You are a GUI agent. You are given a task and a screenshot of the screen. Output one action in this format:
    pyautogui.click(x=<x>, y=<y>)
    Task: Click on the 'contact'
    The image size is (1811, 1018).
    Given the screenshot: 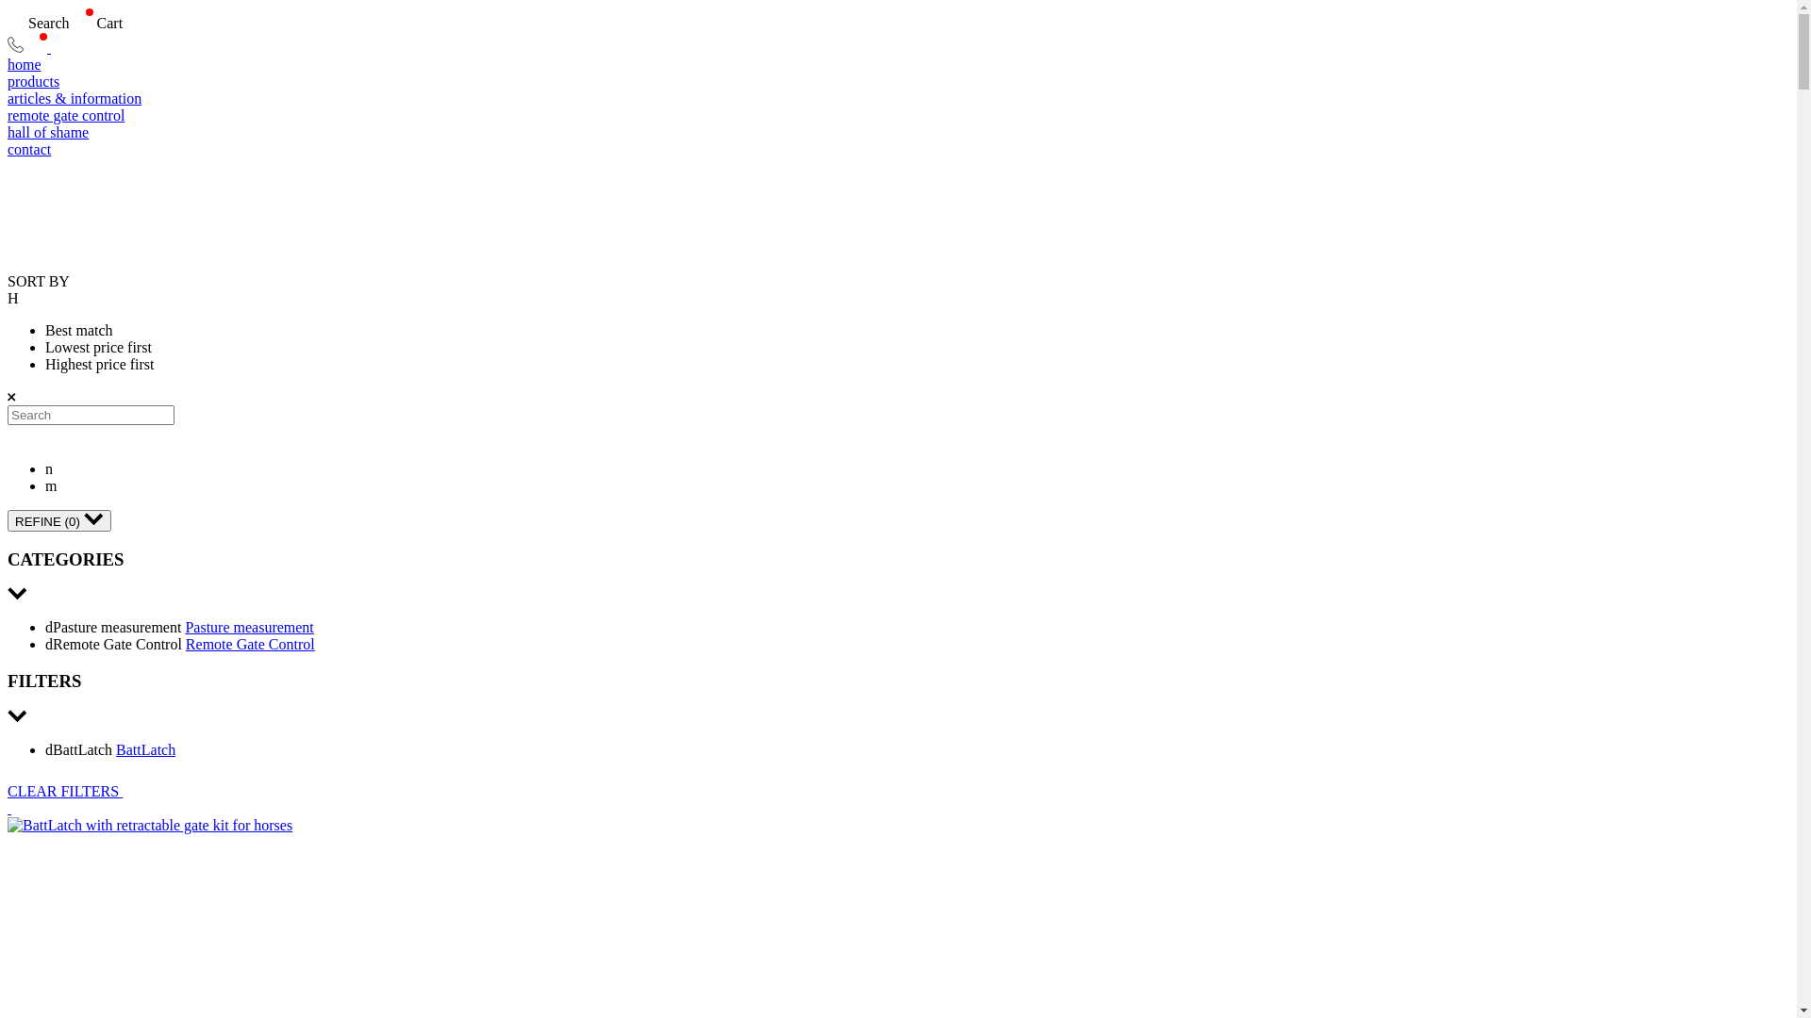 What is the action you would take?
    pyautogui.click(x=897, y=148)
    